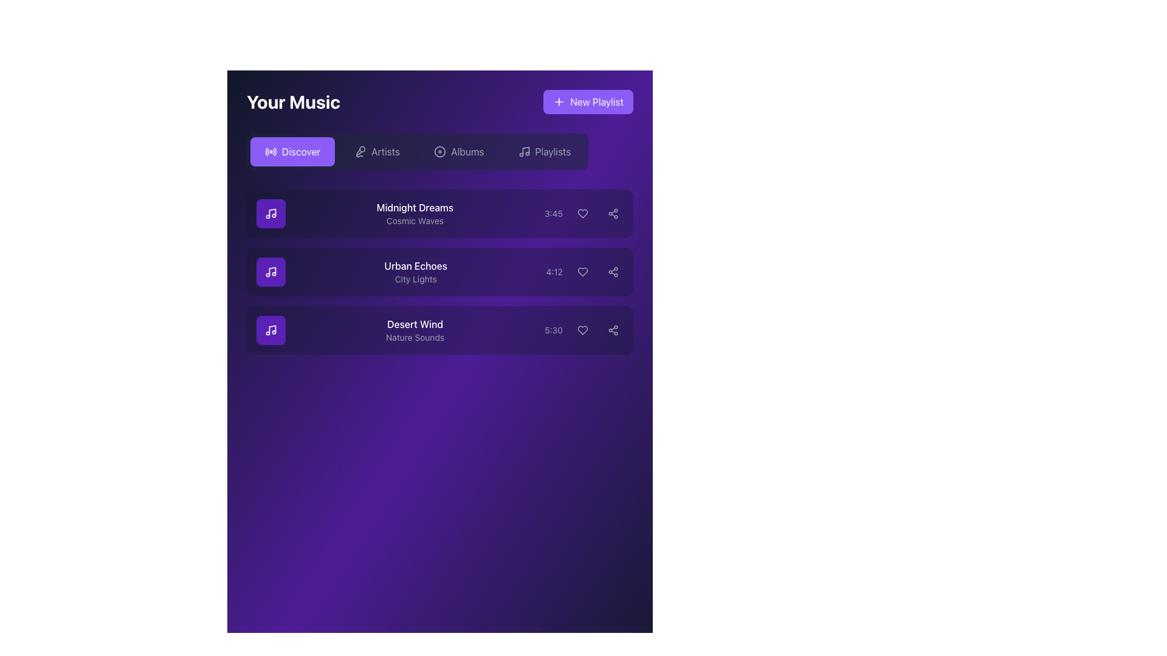 This screenshot has width=1167, height=656. What do you see at coordinates (582, 330) in the screenshot?
I see `the heart icon in the third row of the list display to mark the 'Desert Wind' track as favorite` at bounding box center [582, 330].